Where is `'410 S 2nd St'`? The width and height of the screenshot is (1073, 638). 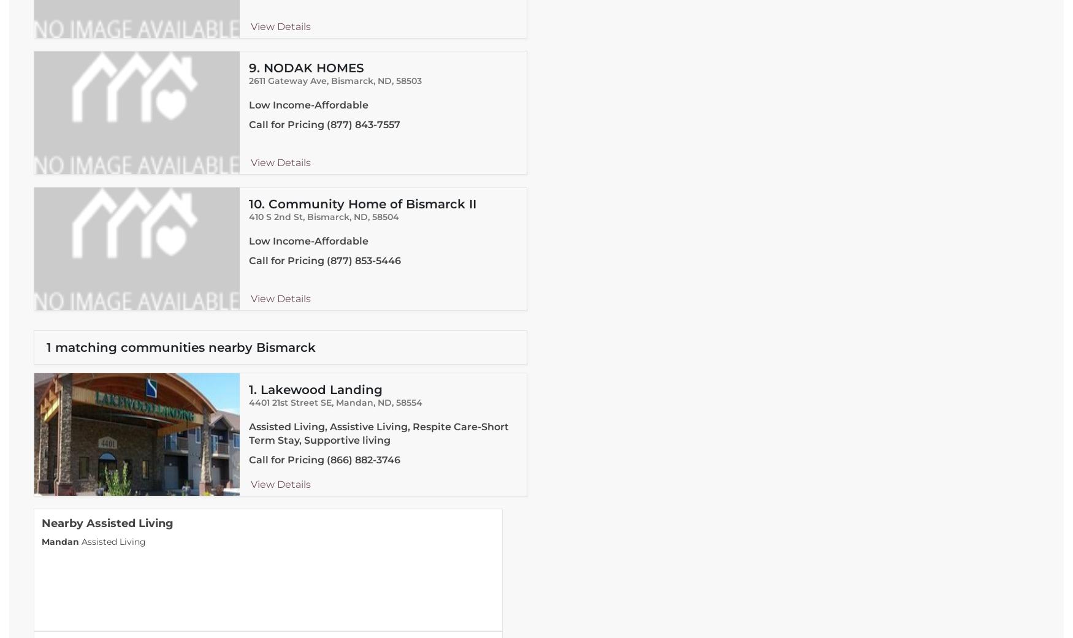
'410 S 2nd St' is located at coordinates (275, 217).